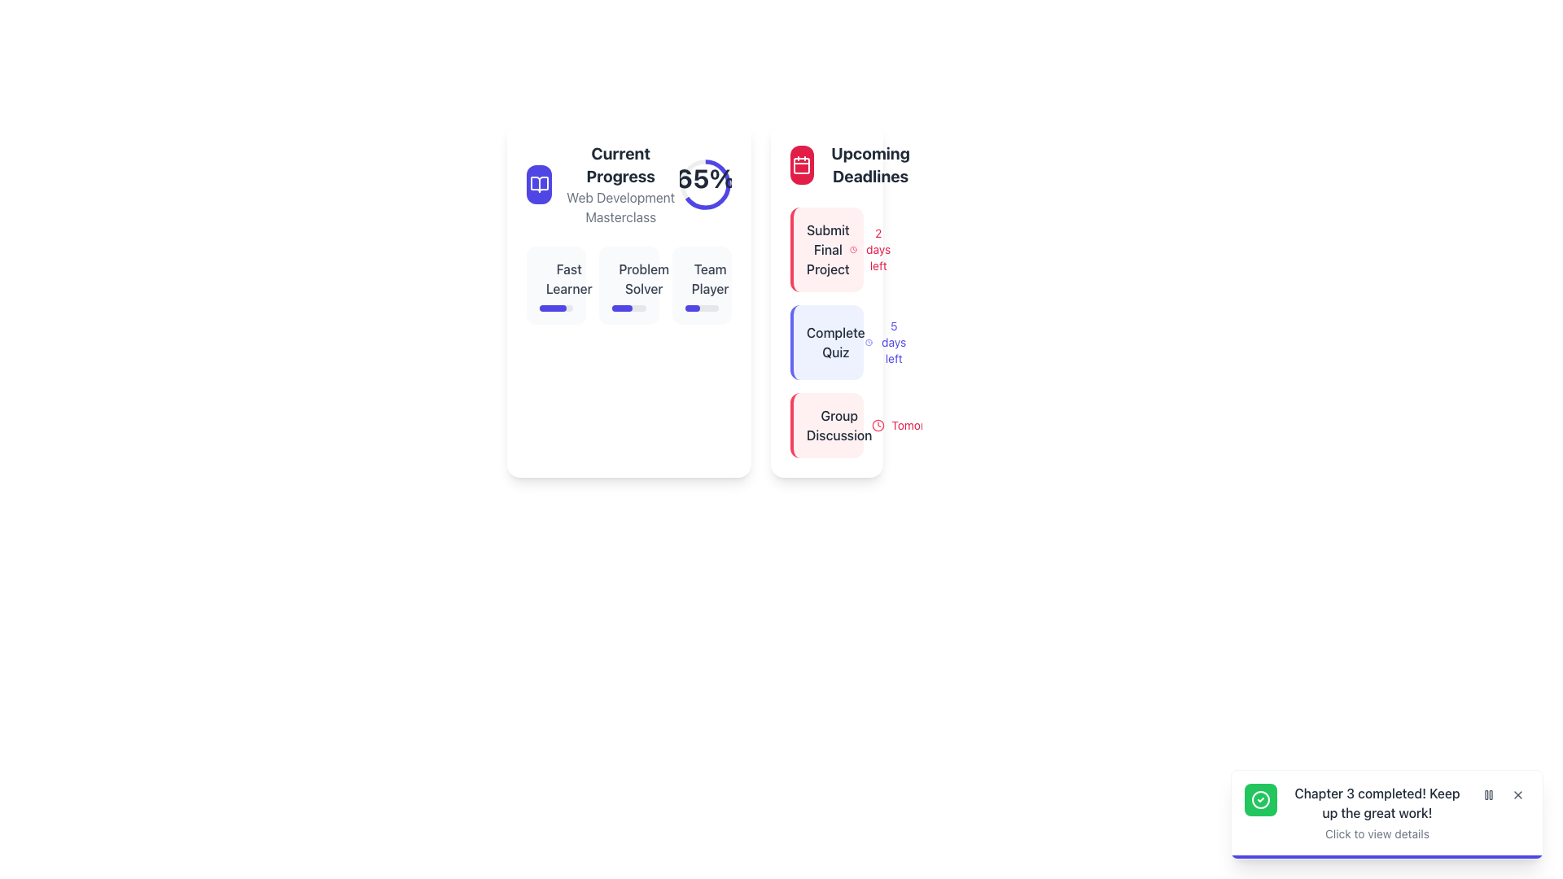 The width and height of the screenshot is (1563, 879). I want to click on the text component displaying 'Chapter 3 completed! Keep up the great work!' in dark gray, bold font located in the bottom-right notification interface, so click(1376, 802).